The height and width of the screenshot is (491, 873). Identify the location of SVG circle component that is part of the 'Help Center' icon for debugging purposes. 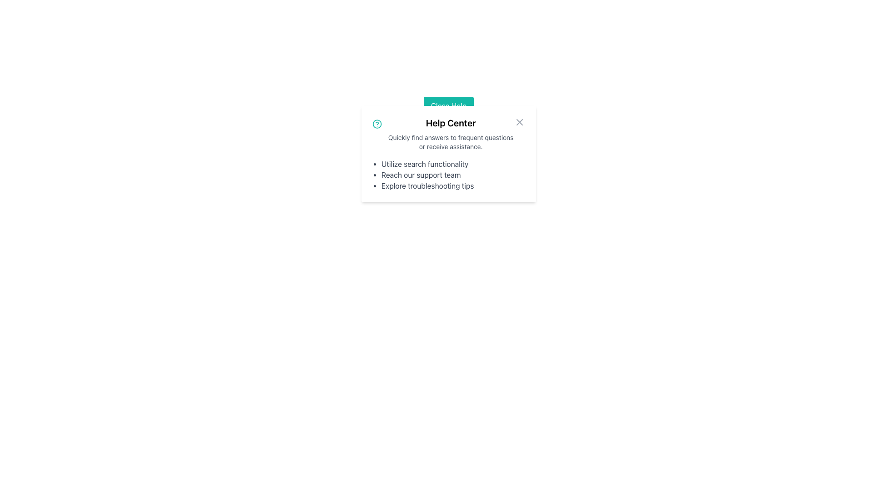
(377, 124).